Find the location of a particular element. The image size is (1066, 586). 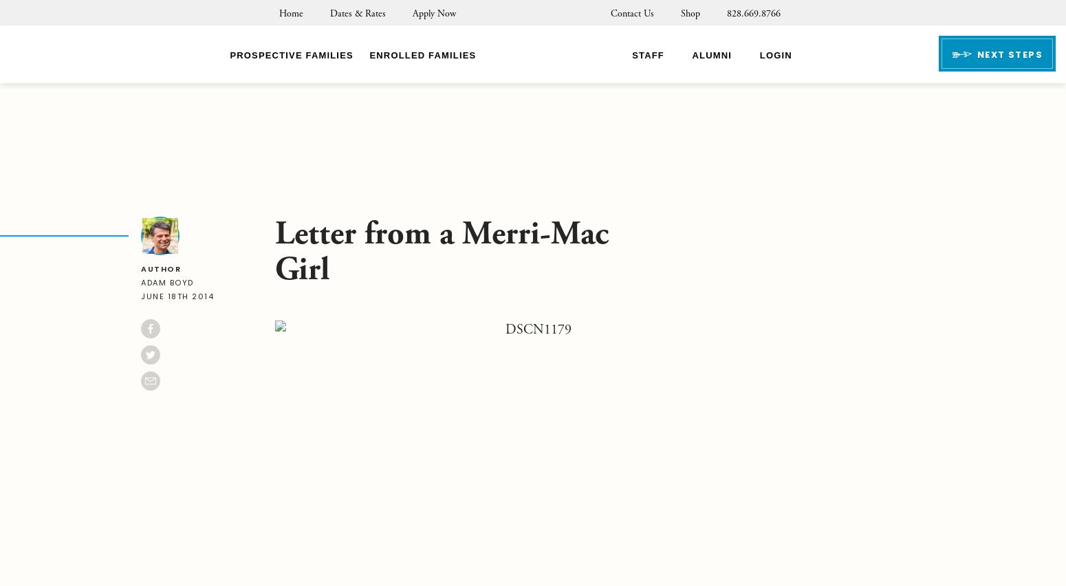

'Letter from a Merri-Mac Girl' is located at coordinates (441, 250).